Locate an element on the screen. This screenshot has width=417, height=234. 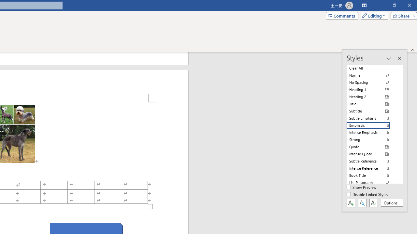
'No Spacing' is located at coordinates (372, 82).